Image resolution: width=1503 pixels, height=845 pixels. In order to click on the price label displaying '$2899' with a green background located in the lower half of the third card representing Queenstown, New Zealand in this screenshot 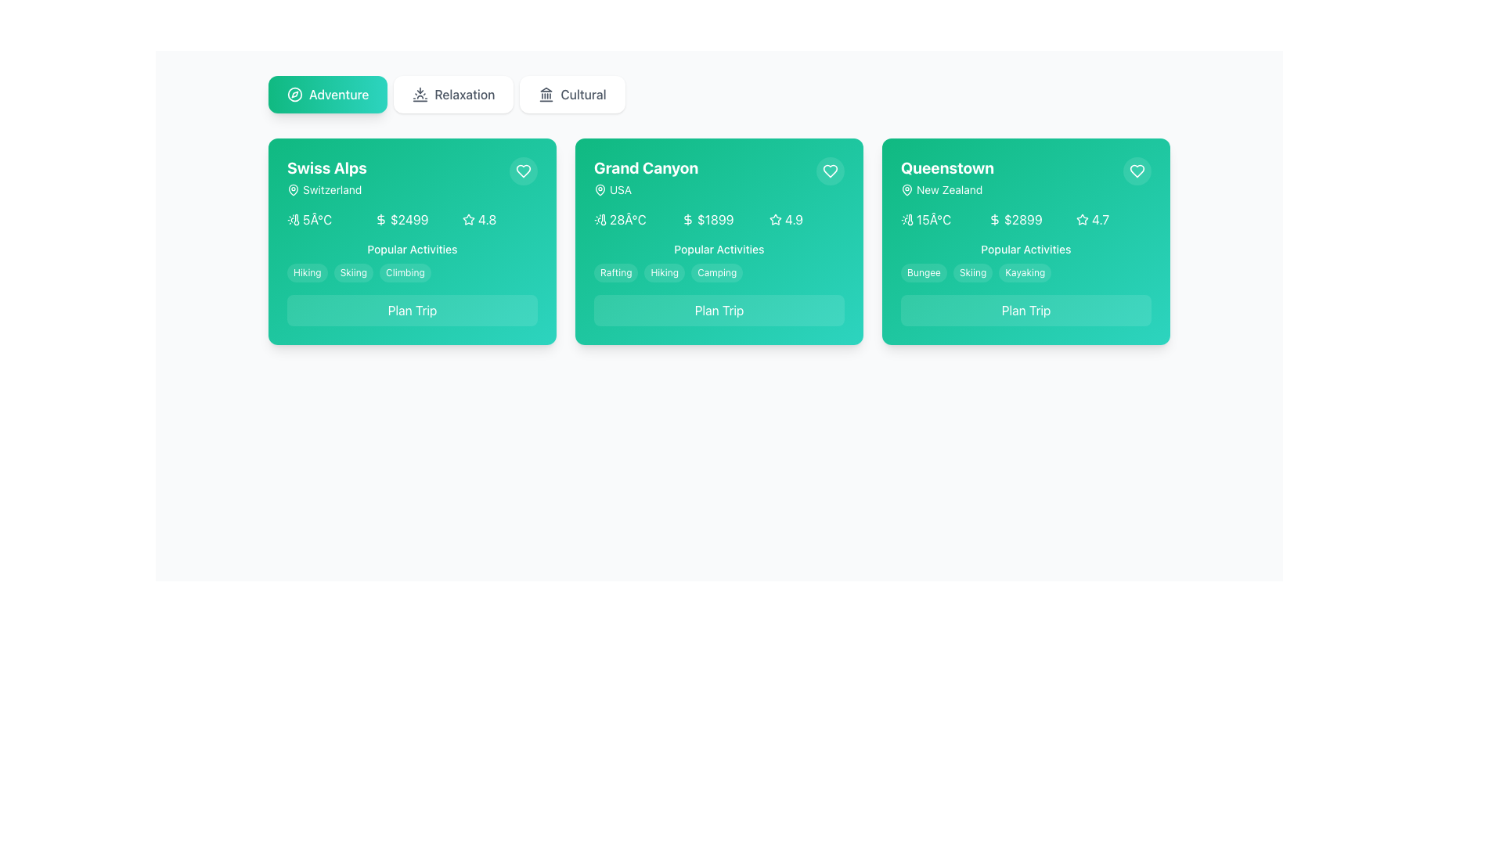, I will do `click(1025, 220)`.